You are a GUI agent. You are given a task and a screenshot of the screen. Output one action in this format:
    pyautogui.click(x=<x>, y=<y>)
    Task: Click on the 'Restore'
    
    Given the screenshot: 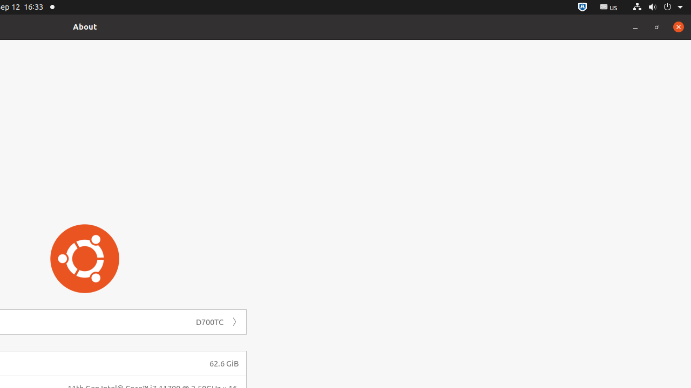 What is the action you would take?
    pyautogui.click(x=656, y=26)
    